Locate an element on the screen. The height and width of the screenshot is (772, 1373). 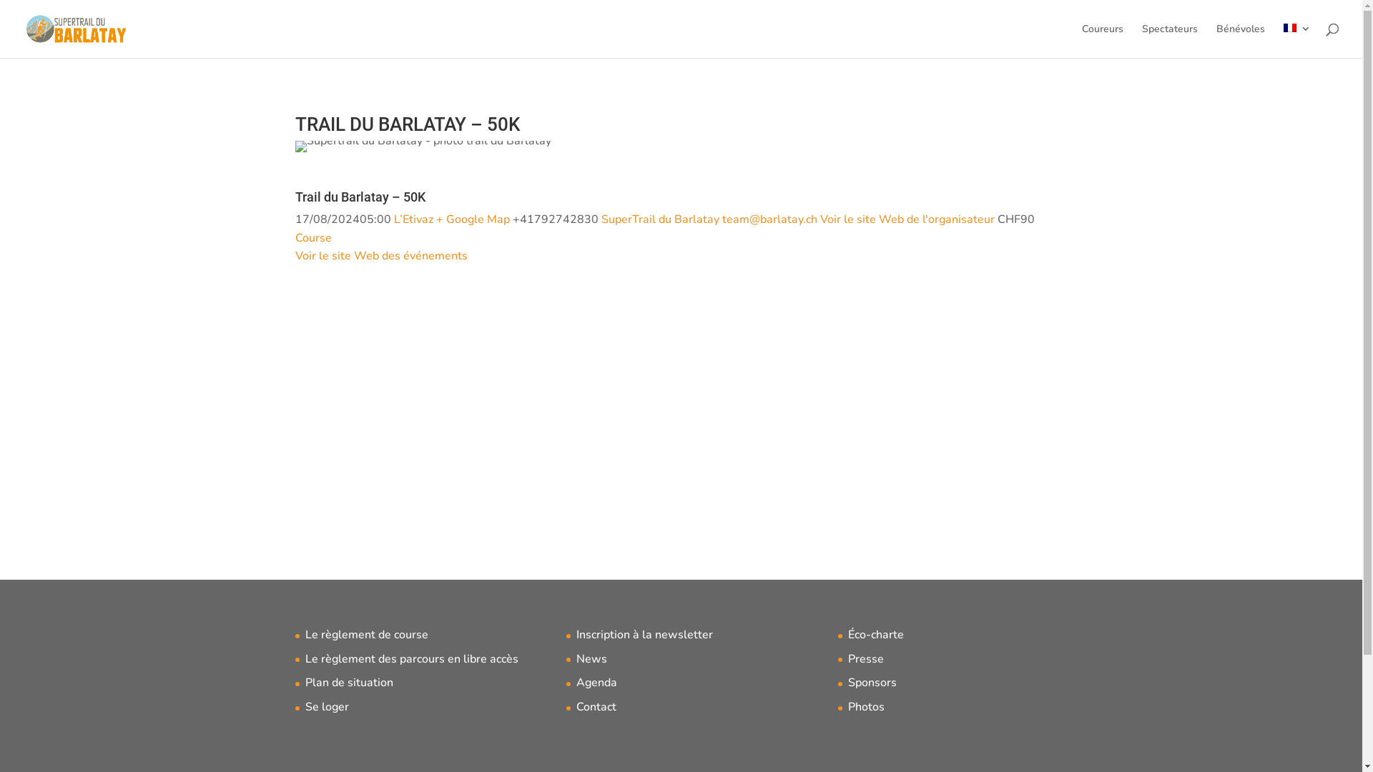
'Spectateurs' is located at coordinates (1141, 40).